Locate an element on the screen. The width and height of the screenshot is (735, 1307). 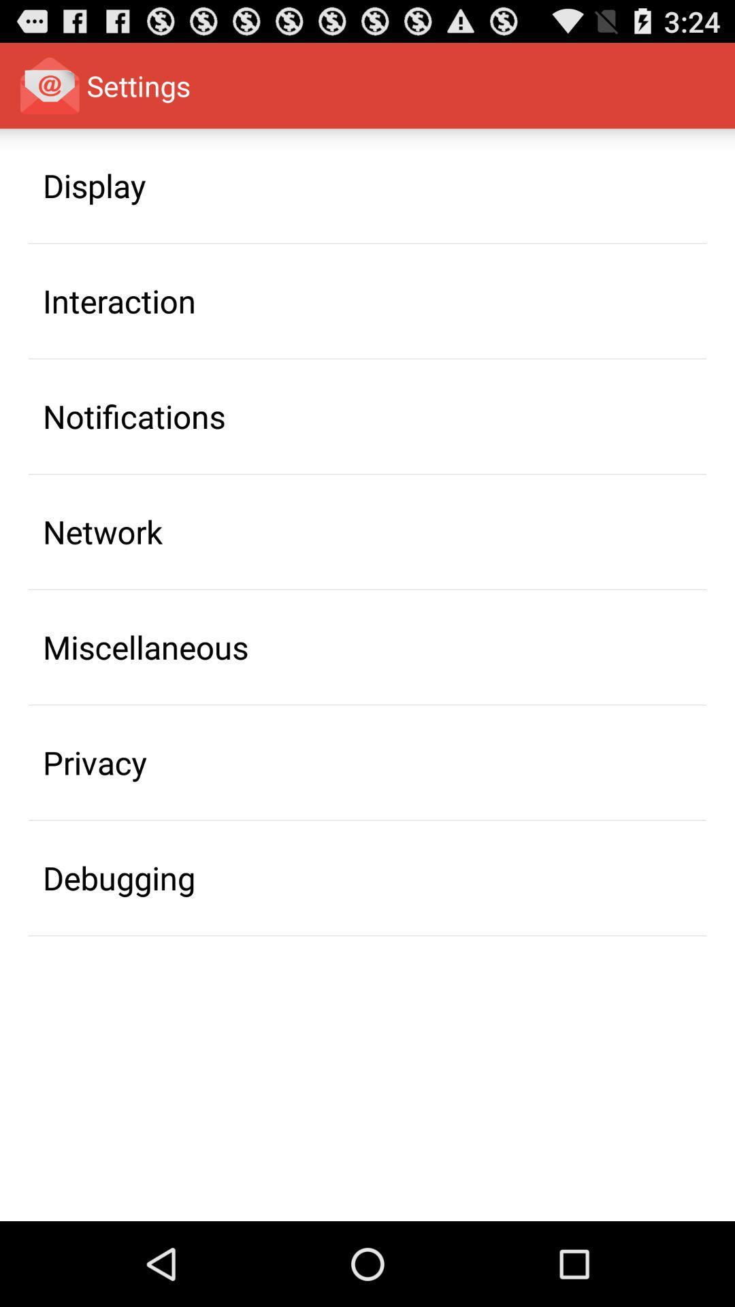
debugging at the bottom left corner is located at coordinates (118, 877).